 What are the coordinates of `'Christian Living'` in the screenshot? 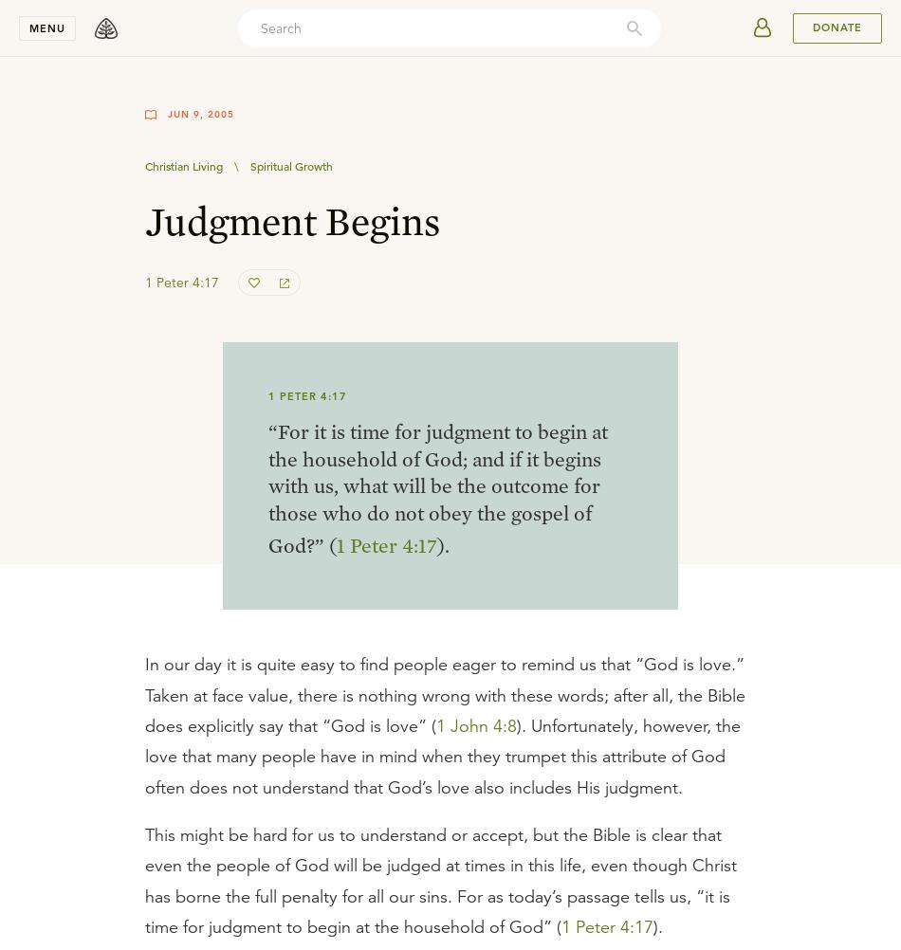 It's located at (183, 165).